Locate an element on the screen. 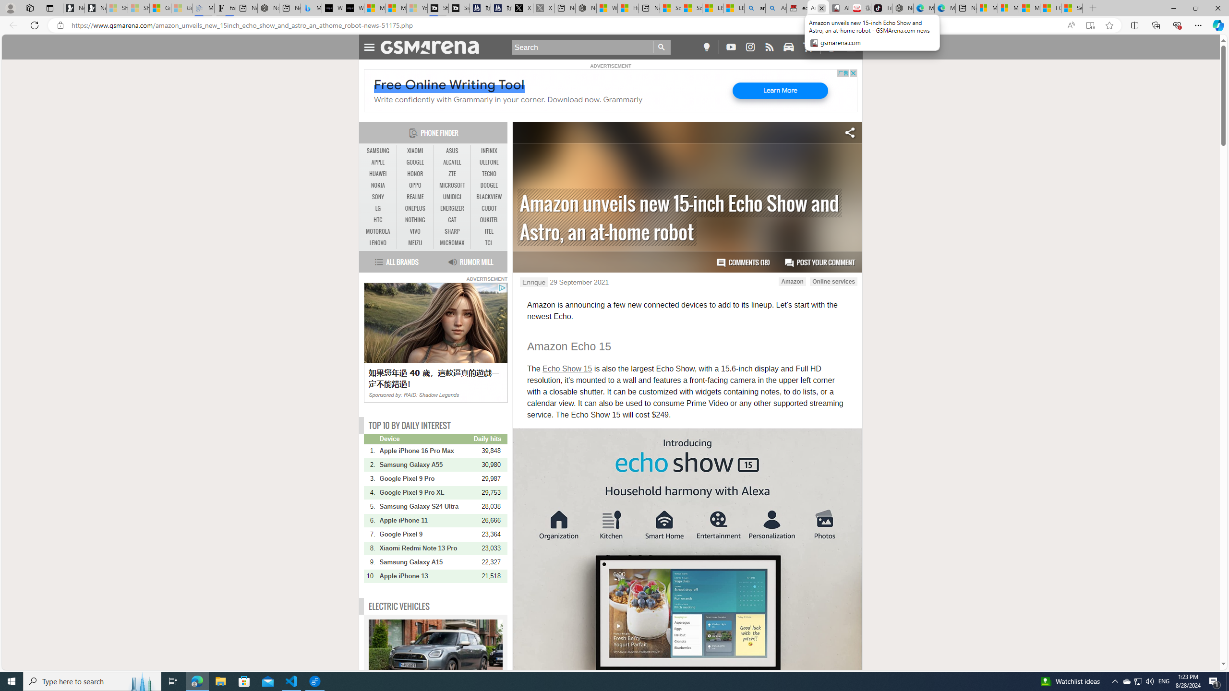 This screenshot has width=1229, height=691. 'ONEPLUS' is located at coordinates (415, 208).